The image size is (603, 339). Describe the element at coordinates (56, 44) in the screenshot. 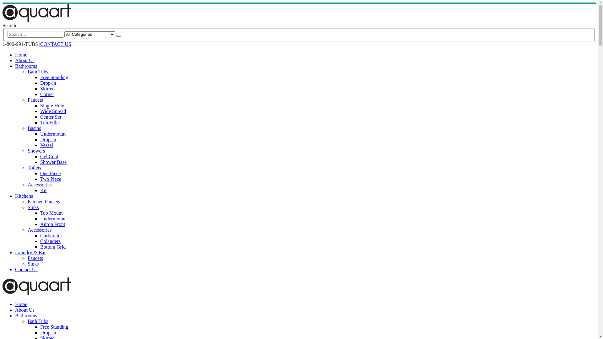

I see `'CONTACT US'` at that location.